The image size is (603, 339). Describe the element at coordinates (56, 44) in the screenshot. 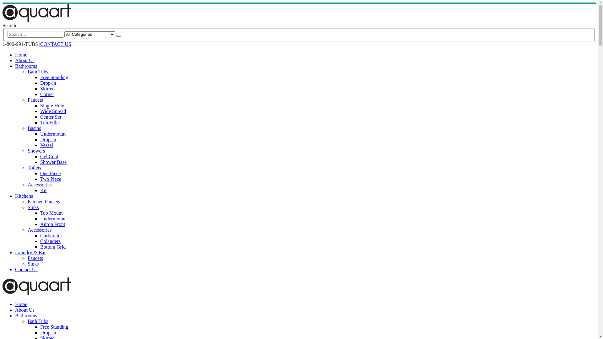

I see `'CONTACT US'` at that location.